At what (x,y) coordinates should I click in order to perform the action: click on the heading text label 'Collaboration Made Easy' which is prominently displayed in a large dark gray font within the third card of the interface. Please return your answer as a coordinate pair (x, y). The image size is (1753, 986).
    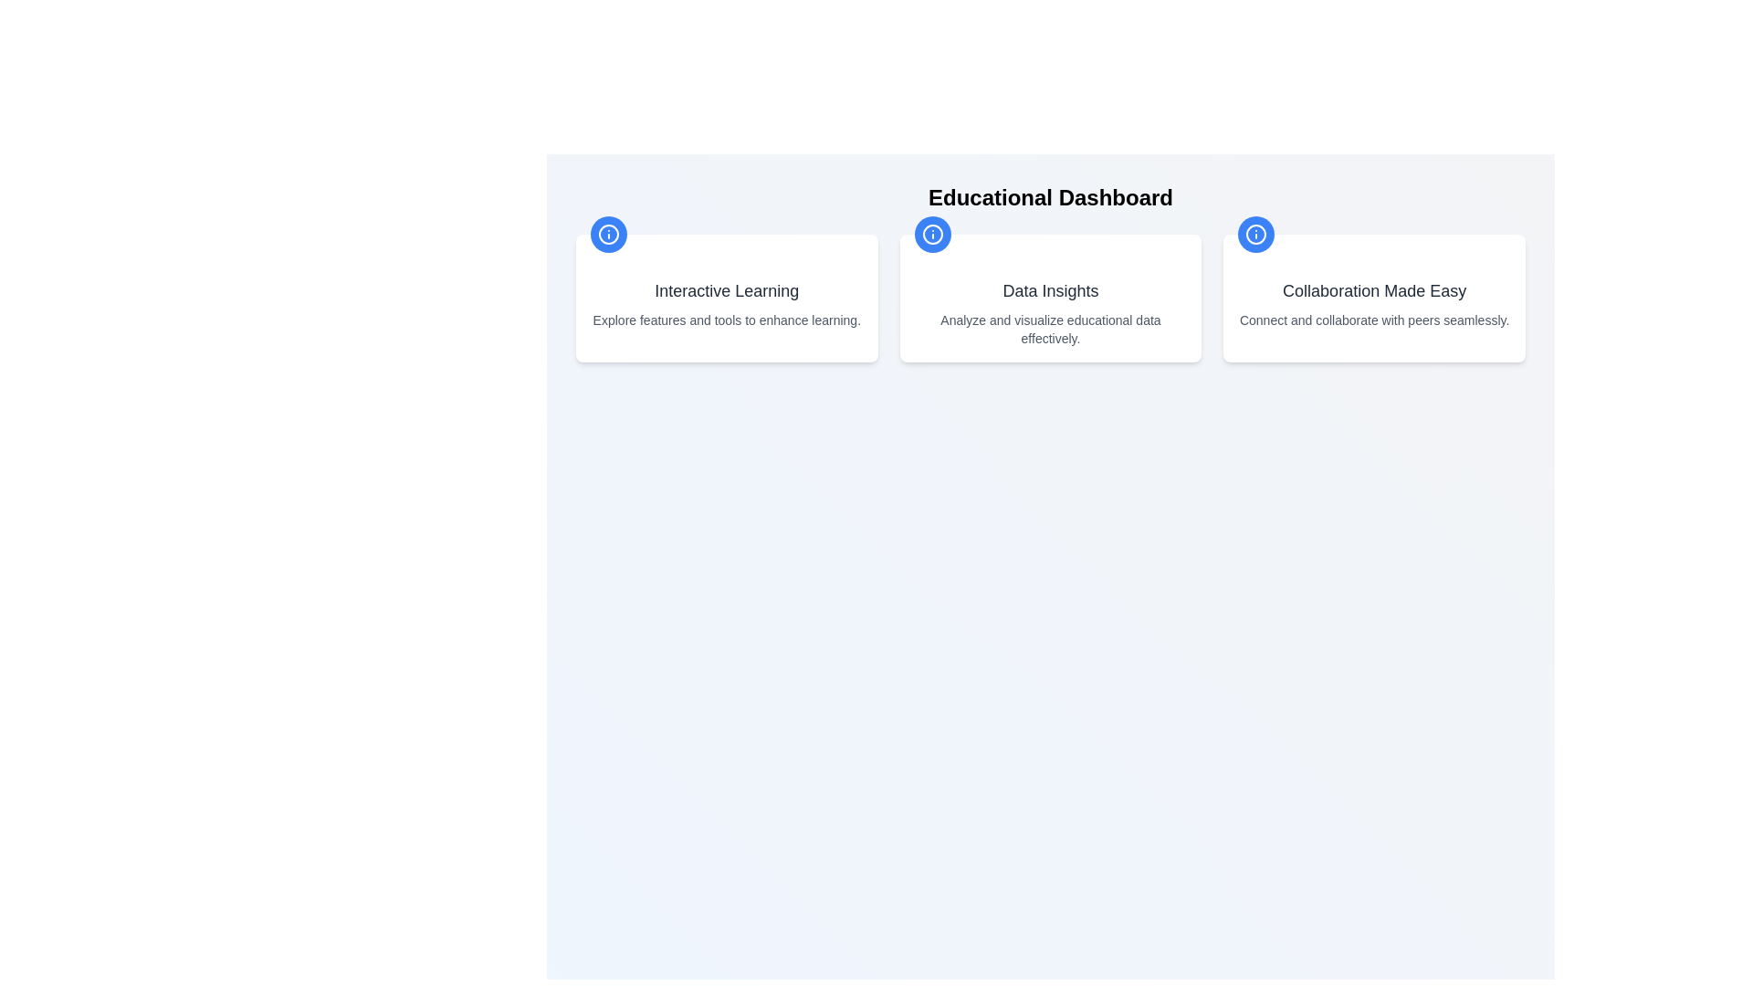
    Looking at the image, I should click on (1374, 290).